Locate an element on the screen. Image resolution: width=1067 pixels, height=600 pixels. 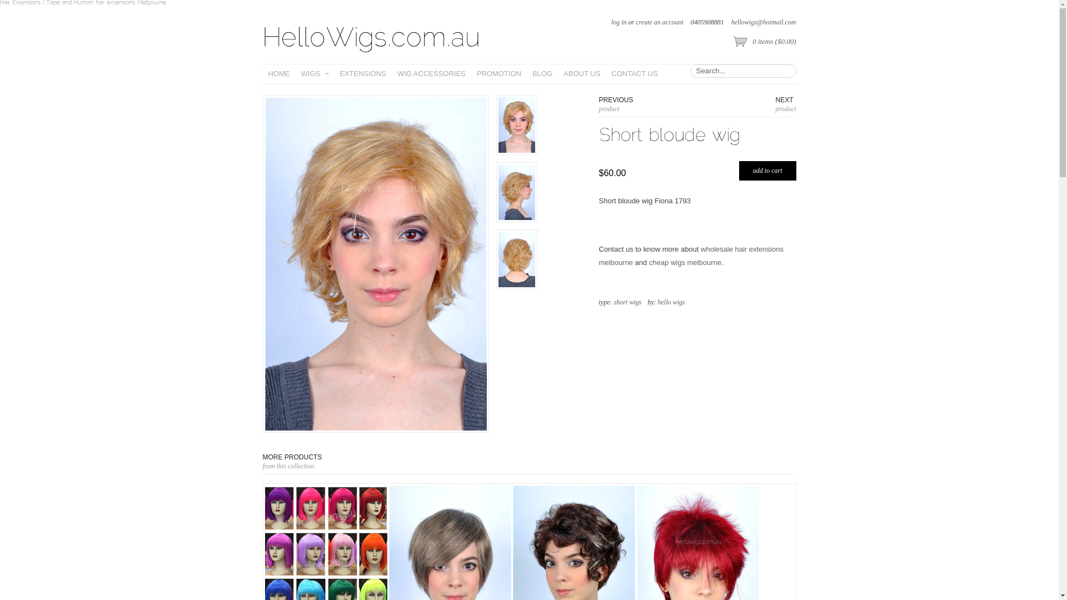
'CONTACT US' is located at coordinates (634, 73).